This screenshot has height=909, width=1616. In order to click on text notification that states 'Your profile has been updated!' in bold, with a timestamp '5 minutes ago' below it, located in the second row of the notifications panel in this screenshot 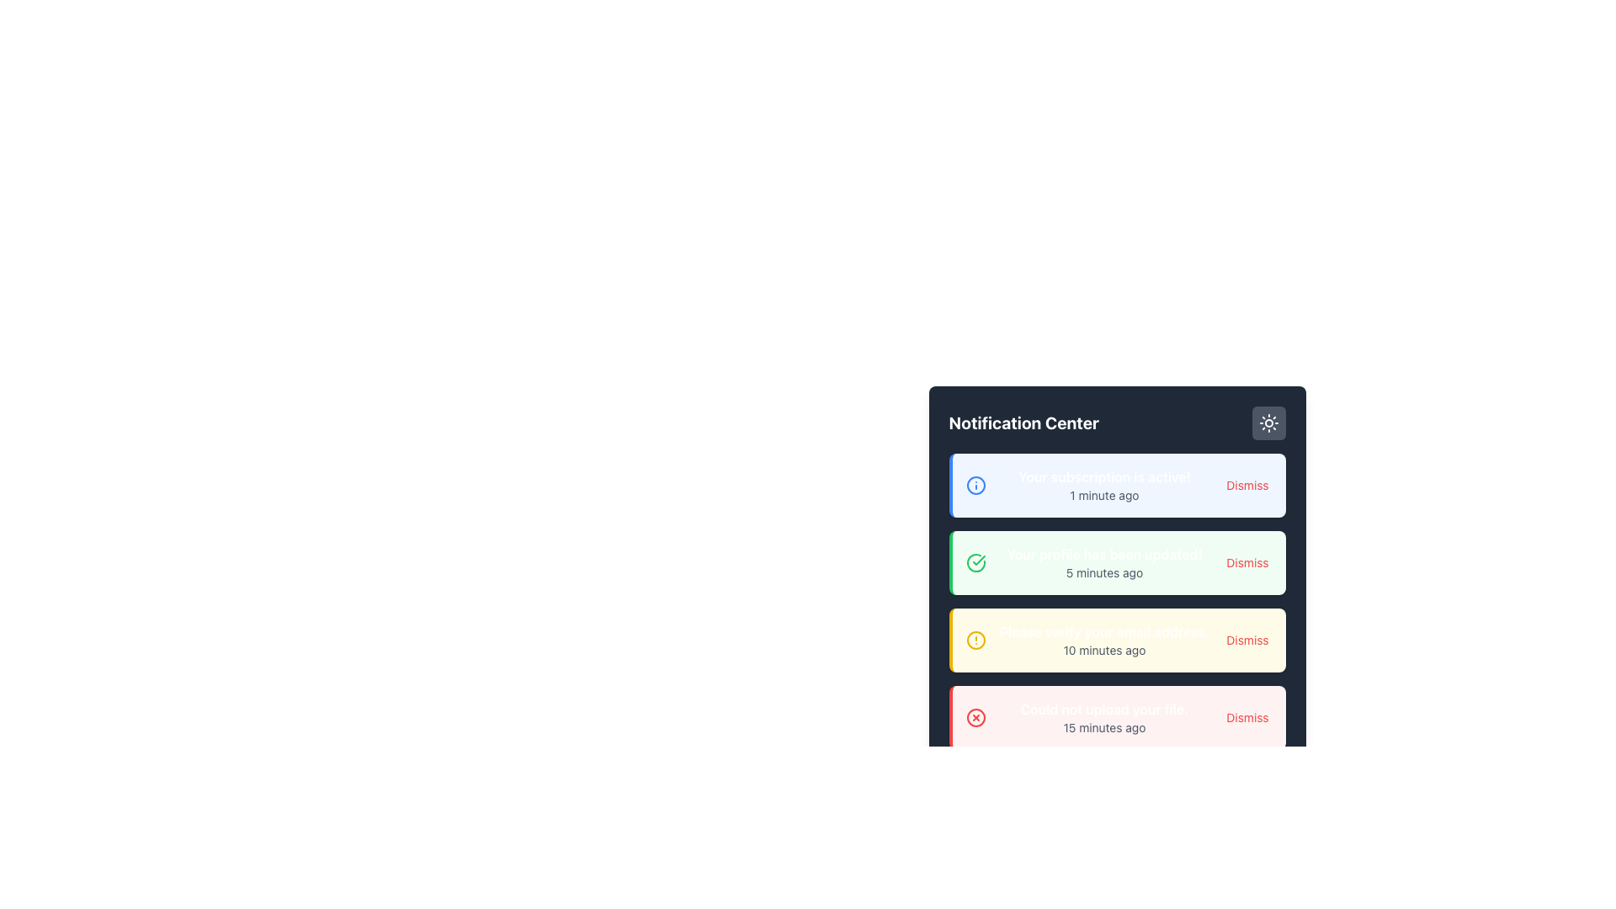, I will do `click(1104, 562)`.